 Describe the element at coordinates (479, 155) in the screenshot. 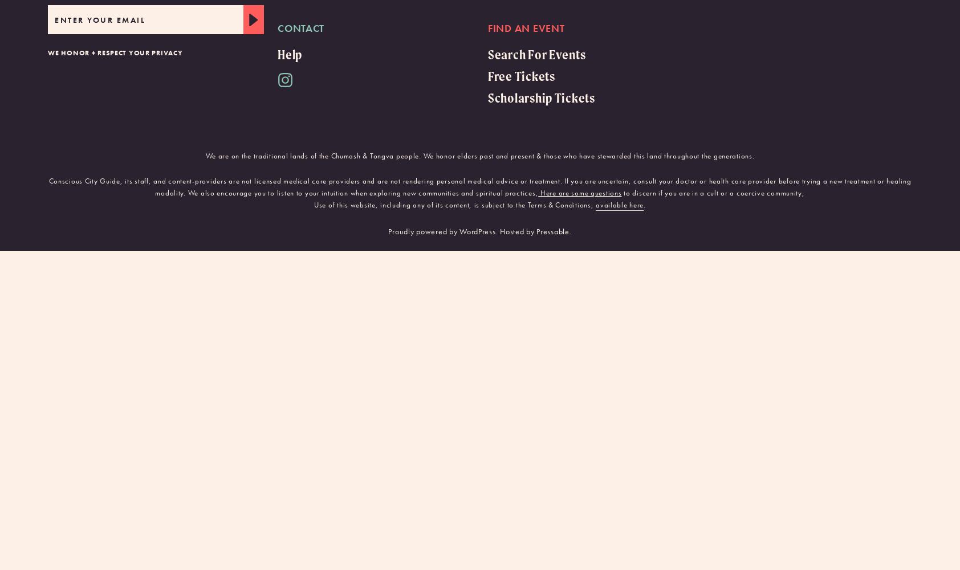

I see `'We are on the traditional lands of the Chumash & Tongva people. We honor elders past and present & those who have stewarded this land throughout the generations.'` at that location.